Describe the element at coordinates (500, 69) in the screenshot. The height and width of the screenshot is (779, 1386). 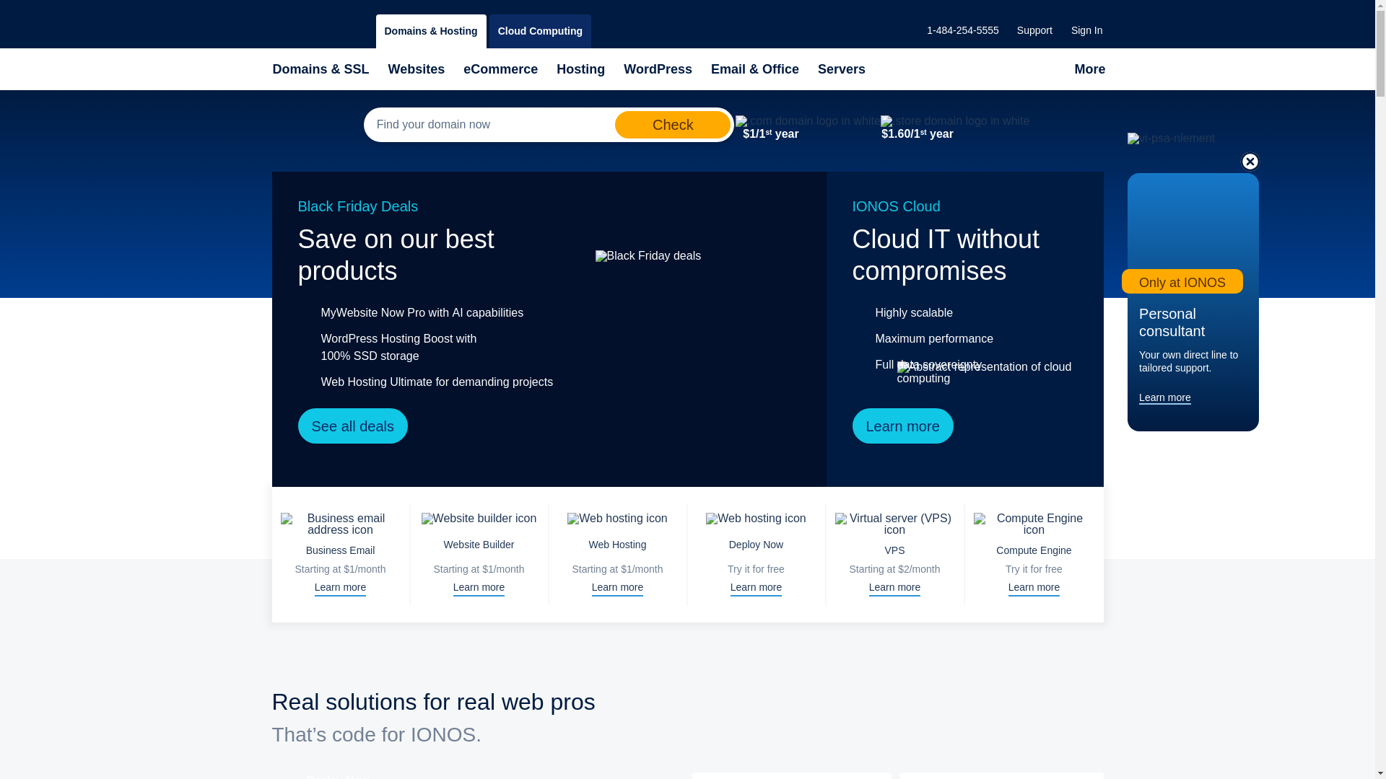
I see `'eCommerce'` at that location.